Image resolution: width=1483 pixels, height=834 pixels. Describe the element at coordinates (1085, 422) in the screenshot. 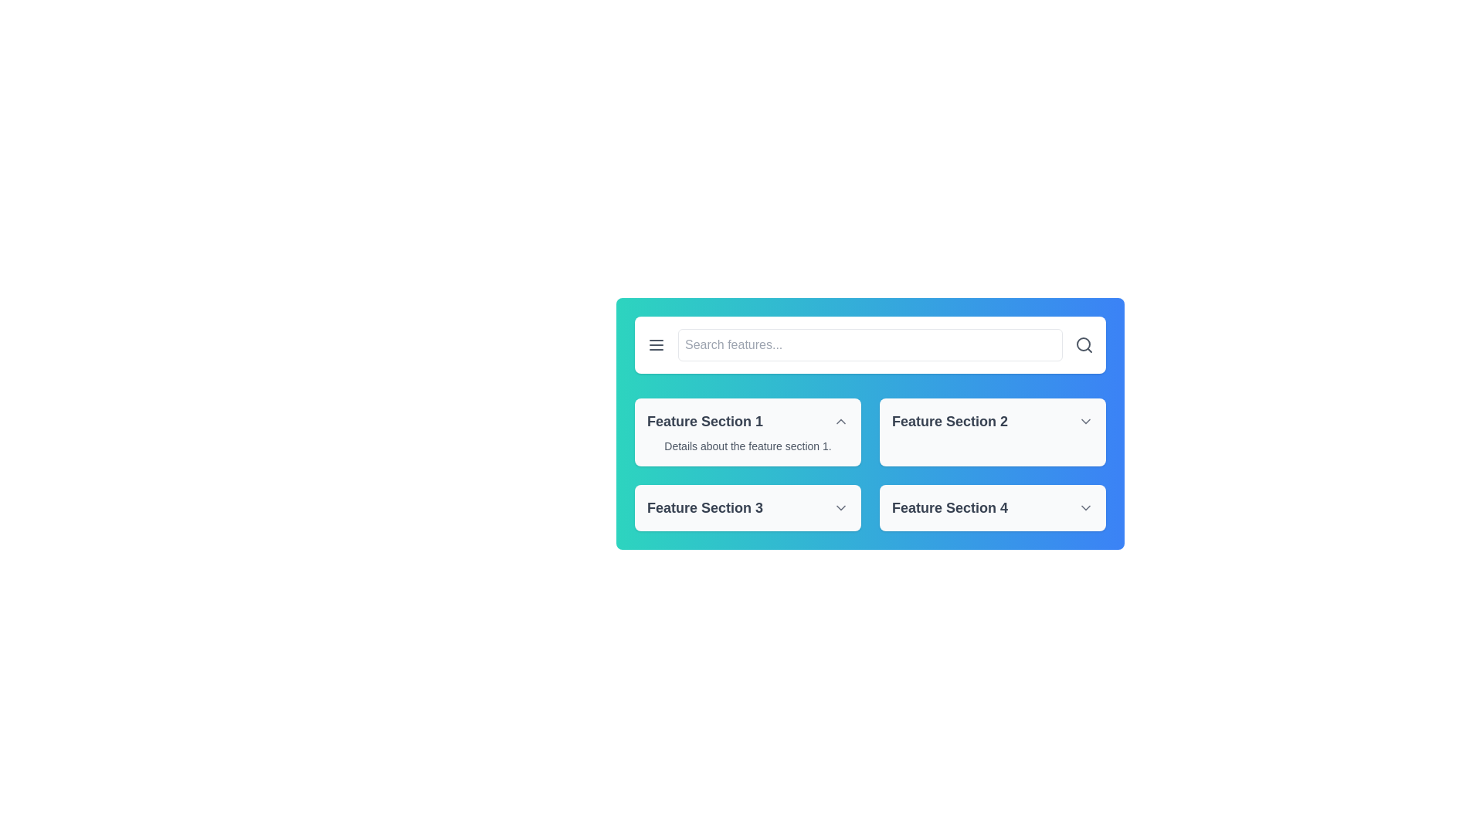

I see `the chevron-down icon located at the right end of the 'Feature Section 2' button` at that location.